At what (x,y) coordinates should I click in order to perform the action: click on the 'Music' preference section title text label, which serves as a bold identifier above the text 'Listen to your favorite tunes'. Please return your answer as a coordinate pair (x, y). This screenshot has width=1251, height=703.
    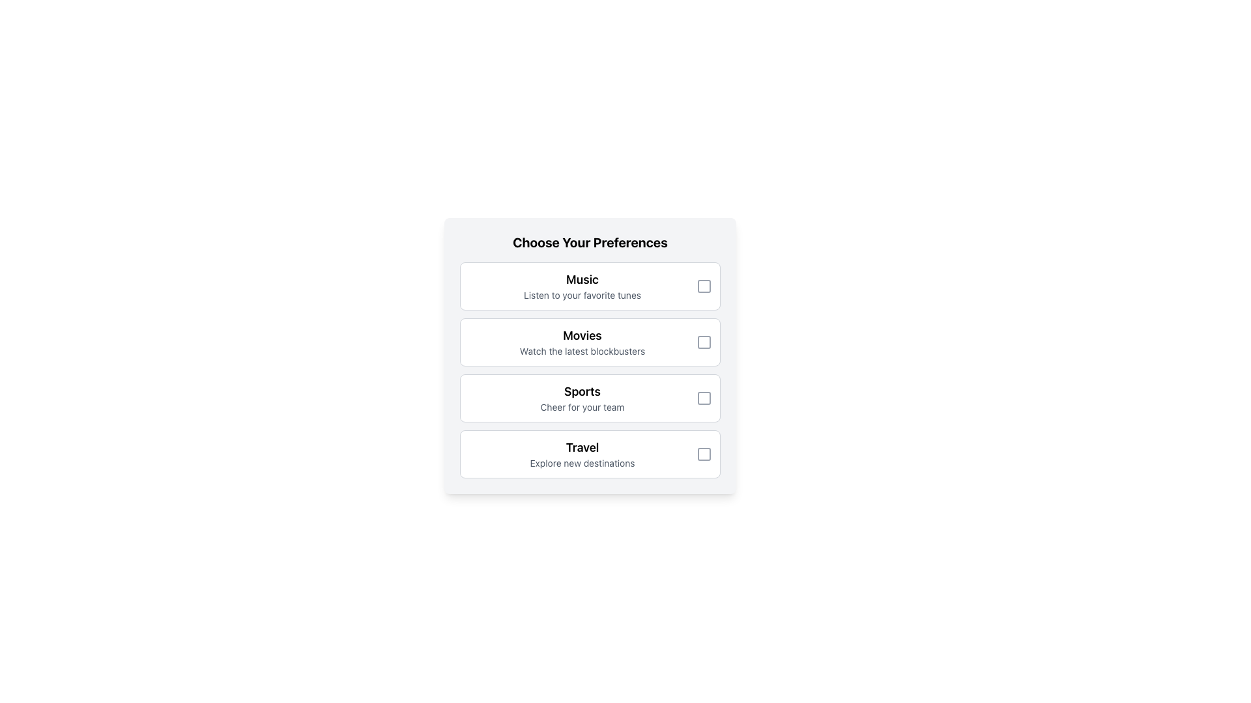
    Looking at the image, I should click on (581, 279).